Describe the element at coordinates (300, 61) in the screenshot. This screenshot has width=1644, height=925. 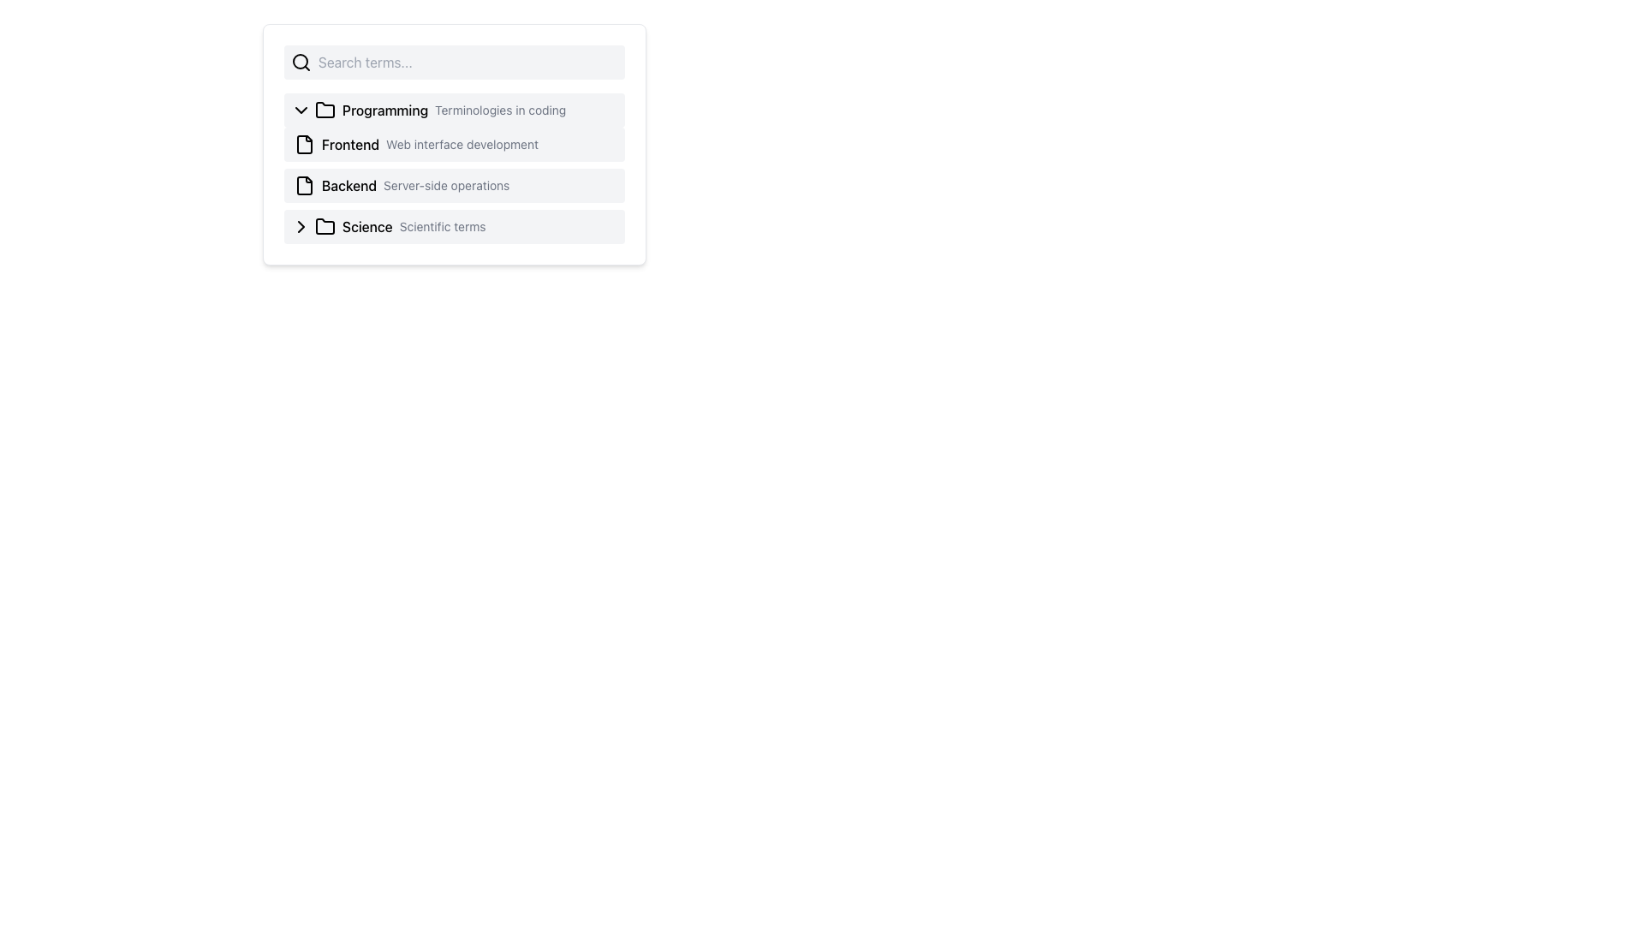
I see `the decorative SVG circle of the search icon located at the far left of the search bar` at that location.